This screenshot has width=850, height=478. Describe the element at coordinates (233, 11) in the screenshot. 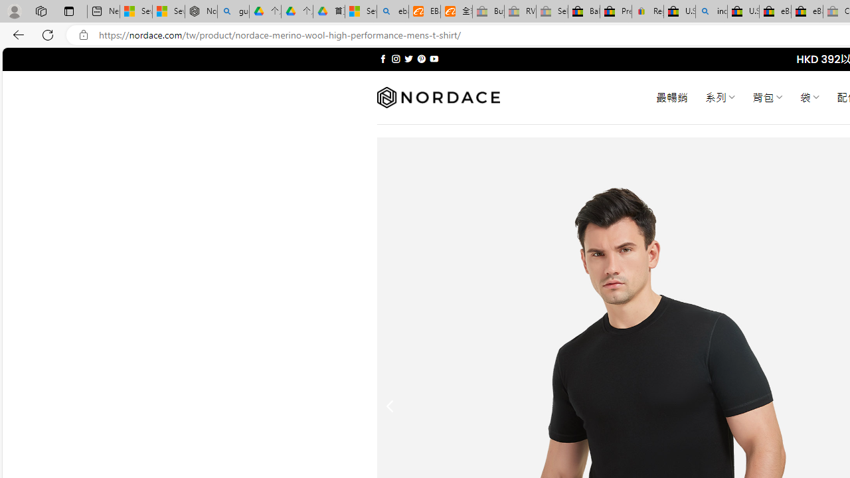

I see `'guge yunpan - Search'` at that location.